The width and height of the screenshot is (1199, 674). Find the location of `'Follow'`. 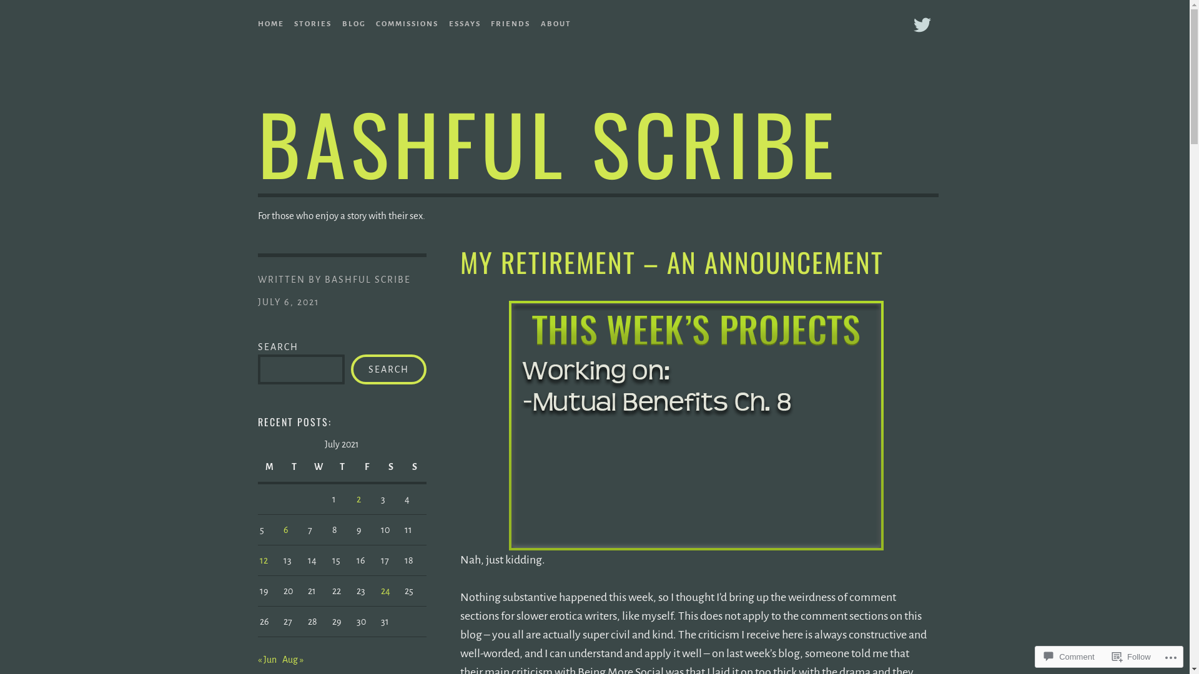

'Follow' is located at coordinates (1107, 656).